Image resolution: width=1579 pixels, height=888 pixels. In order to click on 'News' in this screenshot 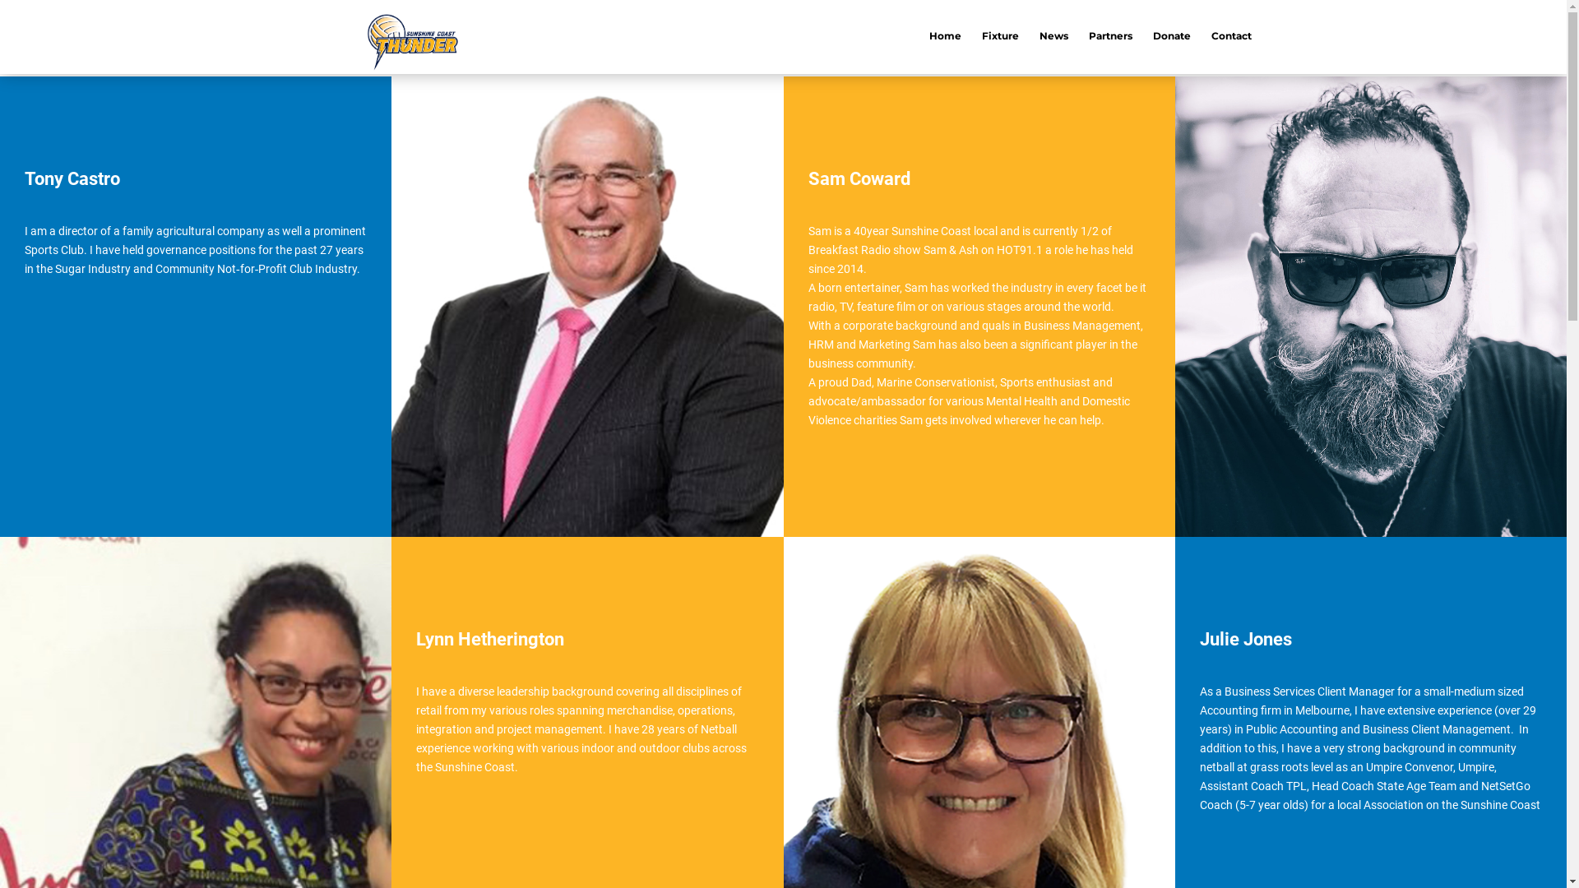, I will do `click(1038, 37)`.